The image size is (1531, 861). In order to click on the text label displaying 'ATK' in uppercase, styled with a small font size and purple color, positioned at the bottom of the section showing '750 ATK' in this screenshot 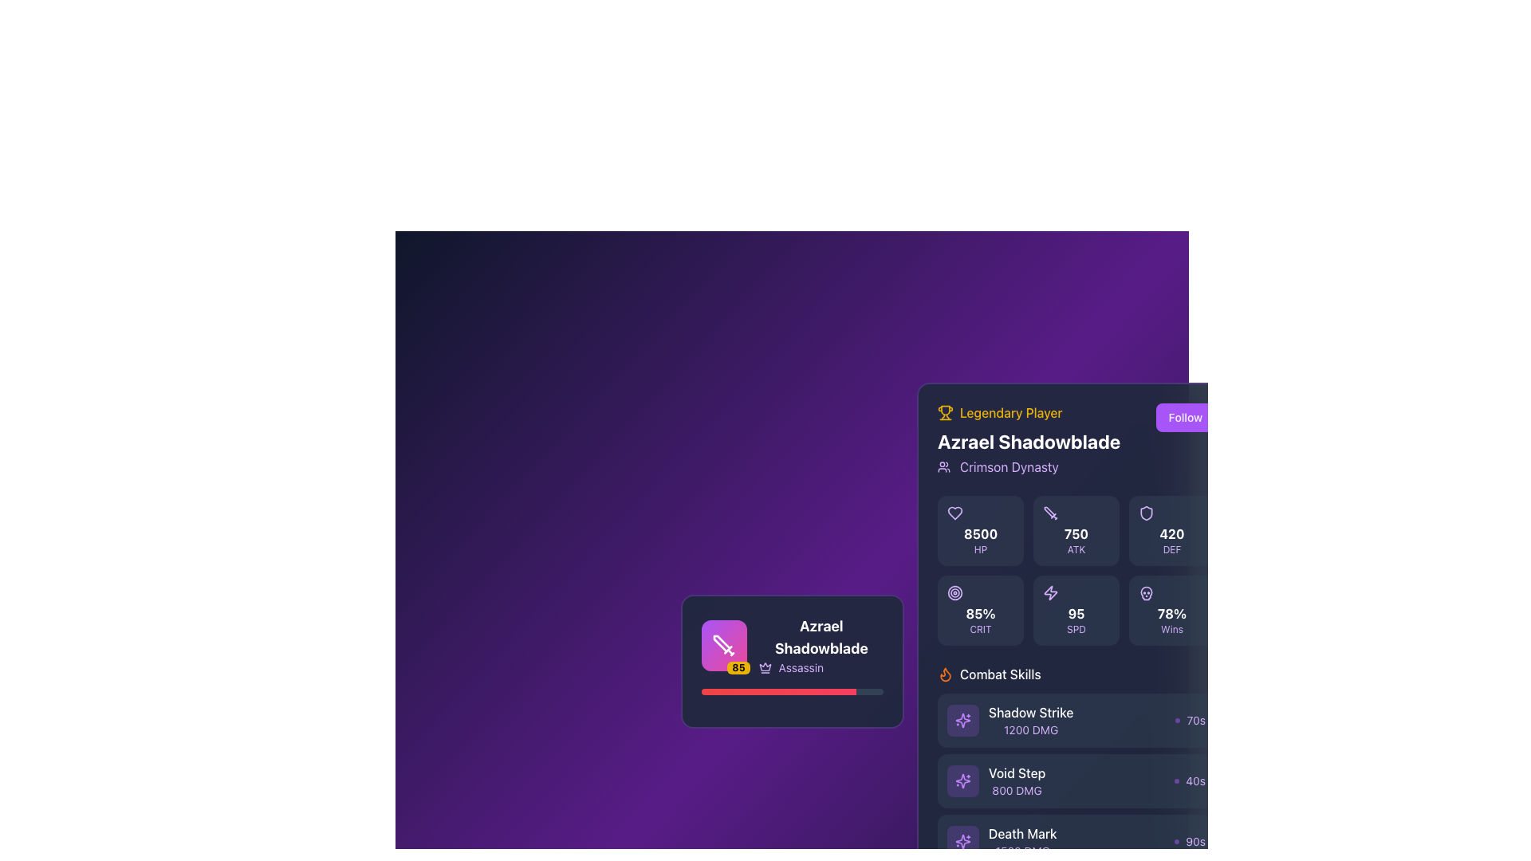, I will do `click(1076, 549)`.